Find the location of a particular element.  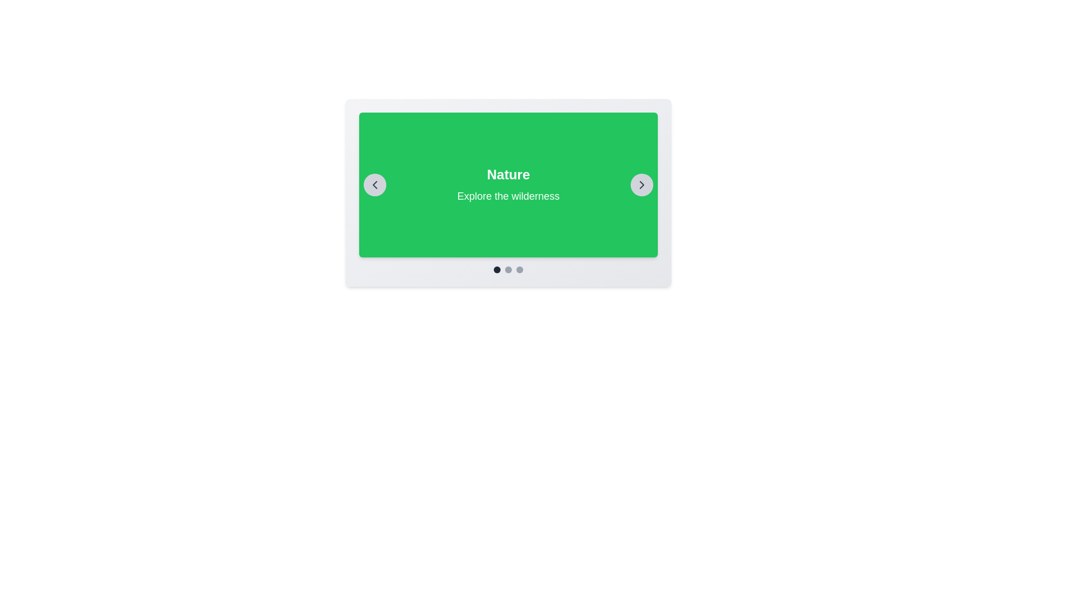

the first circular navigation dot indicator, which is dark gray and located beneath the green content area is located at coordinates (497, 270).